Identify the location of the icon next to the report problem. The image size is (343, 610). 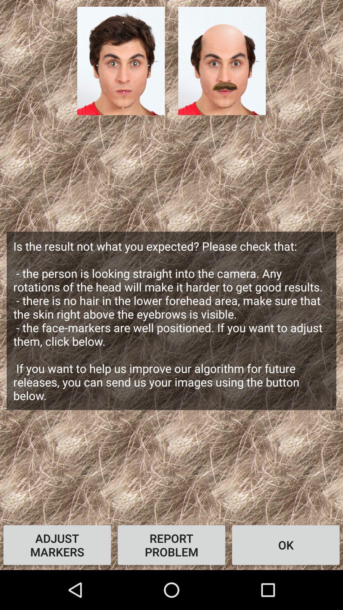
(57, 545).